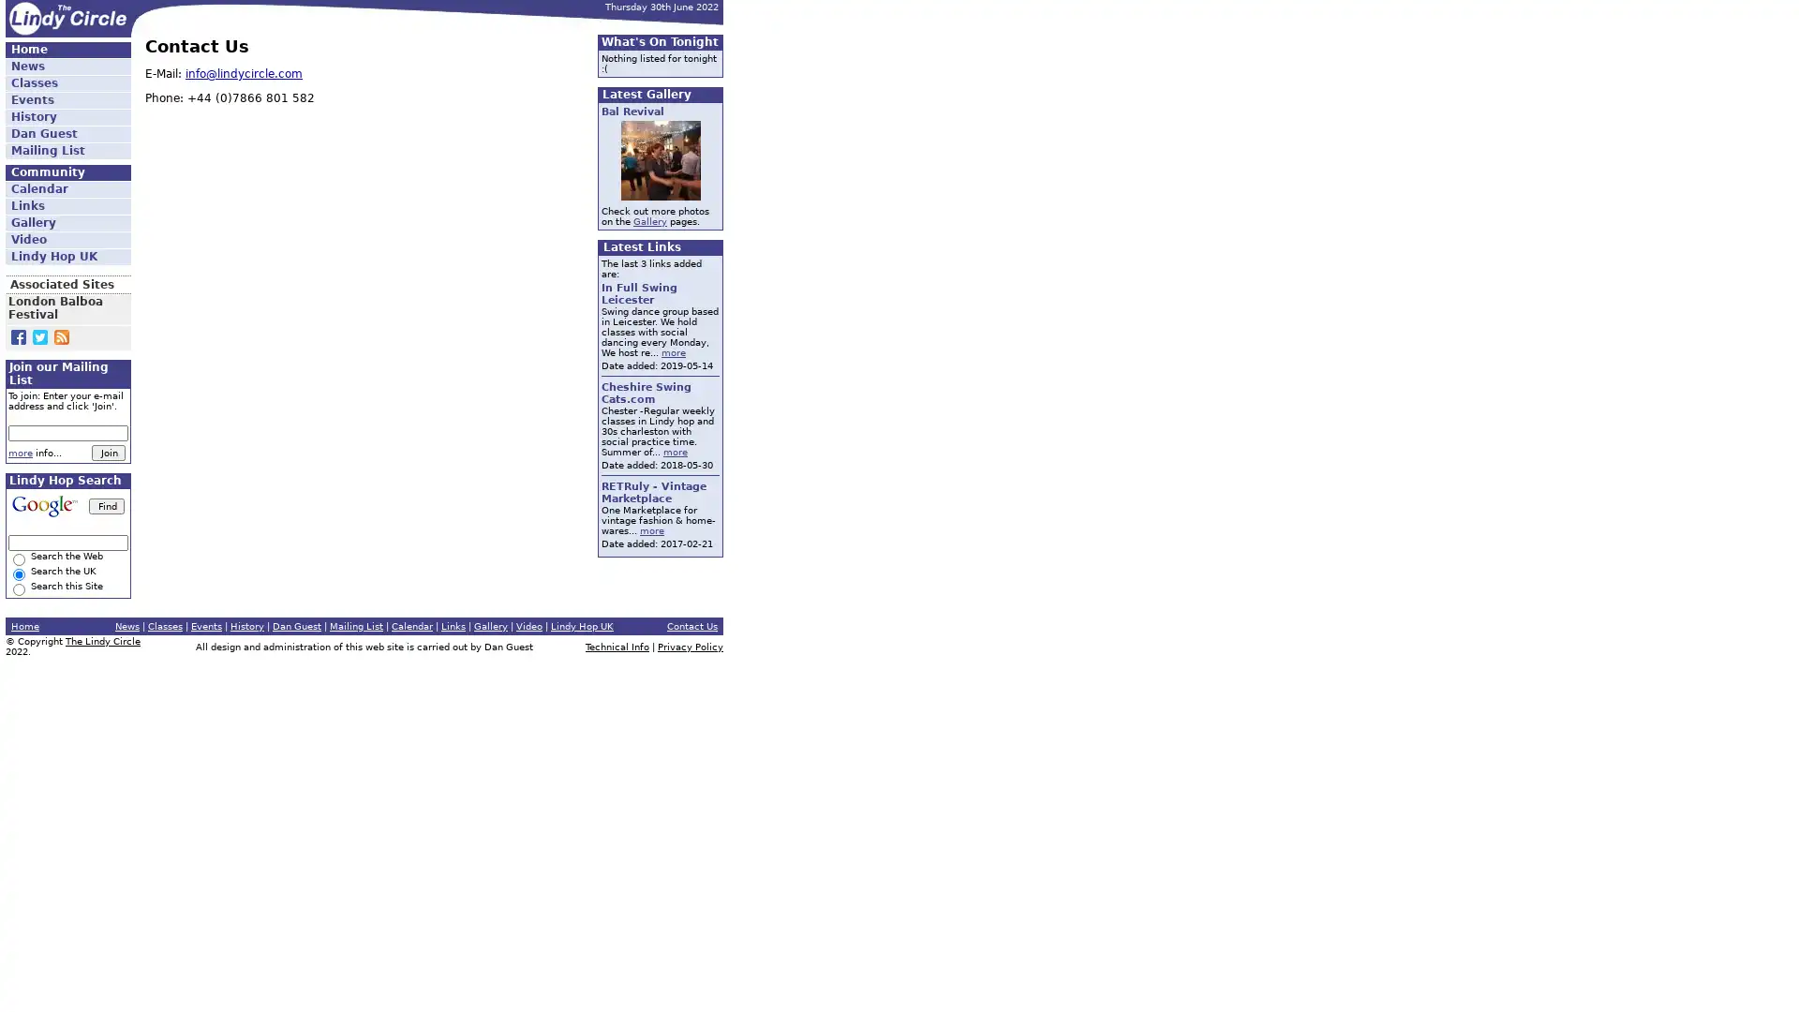 This screenshot has width=1799, height=1012. Describe the element at coordinates (106, 504) in the screenshot. I see `Find` at that location.